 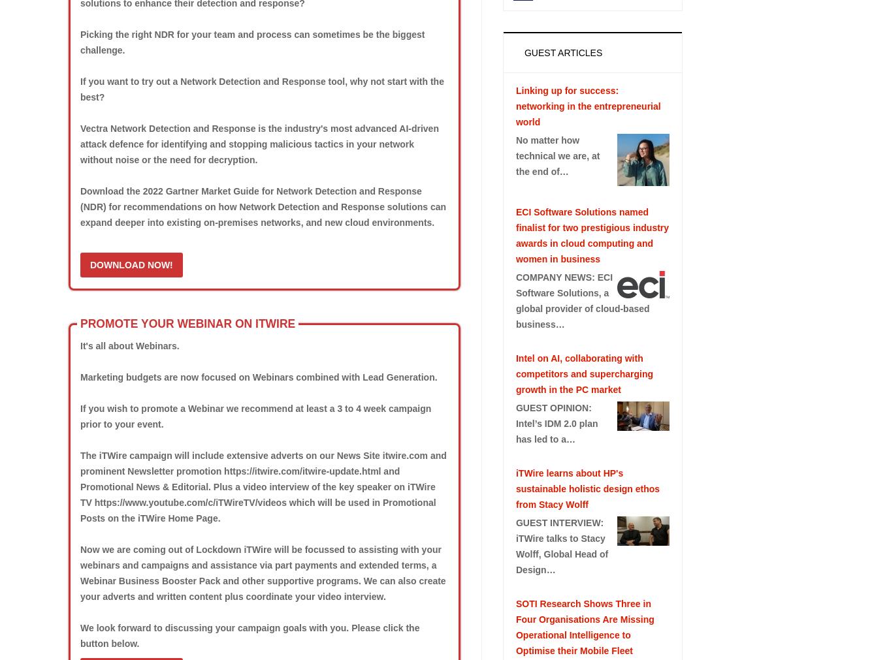 I want to click on 'Vectra Network Detection and Response is the industry's most advanced AI-driven attack defence for identifying and stopping malicious tactics in your network without noise or the need for decryption.', so click(x=259, y=144).